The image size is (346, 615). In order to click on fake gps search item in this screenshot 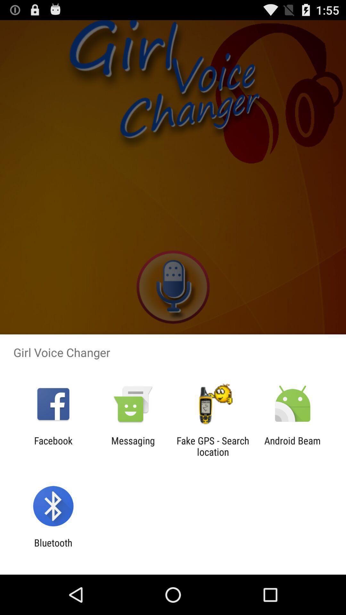, I will do `click(213, 446)`.